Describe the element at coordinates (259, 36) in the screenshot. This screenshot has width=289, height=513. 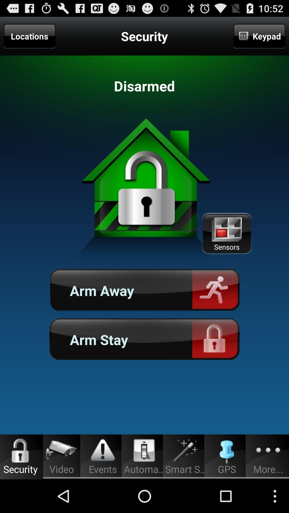
I see `item next to the security` at that location.